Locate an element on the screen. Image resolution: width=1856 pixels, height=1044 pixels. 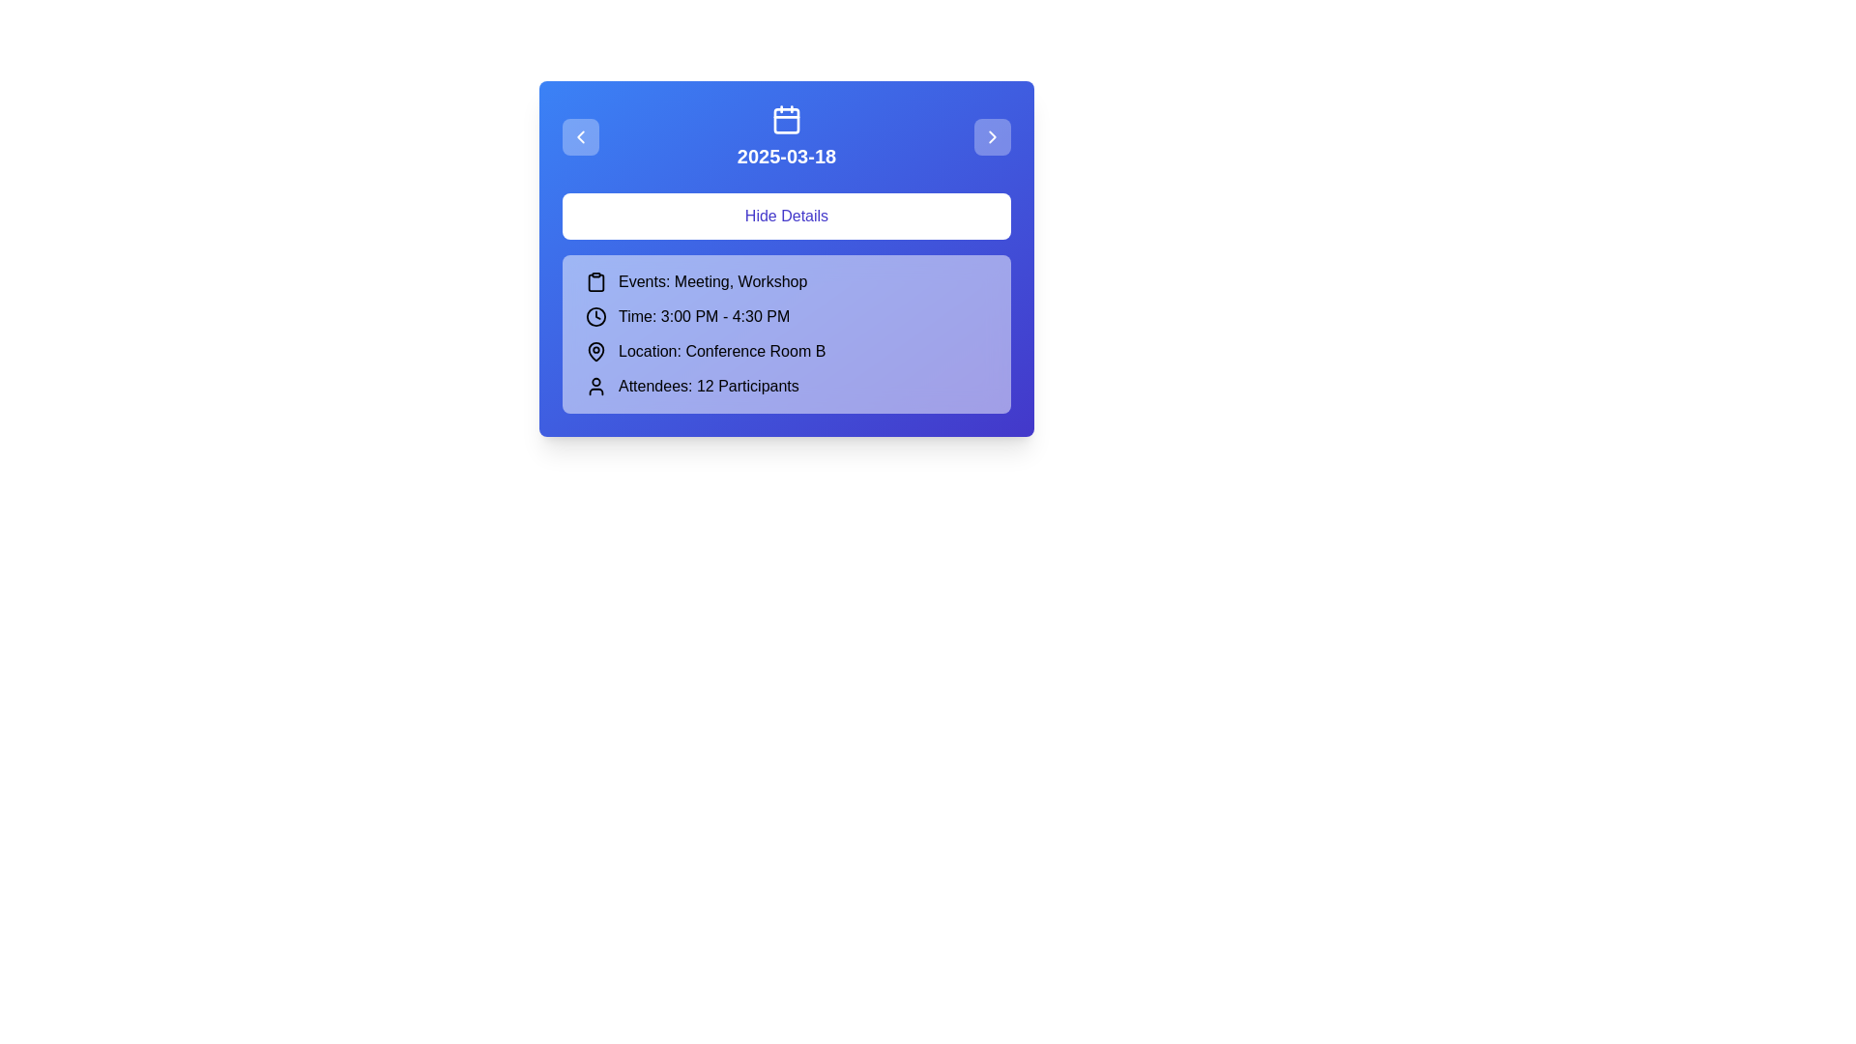
the clock icon located to the left of the text 'Time: 3:00 PM - 4:30 PM' in the event information panel is located at coordinates (595, 315).